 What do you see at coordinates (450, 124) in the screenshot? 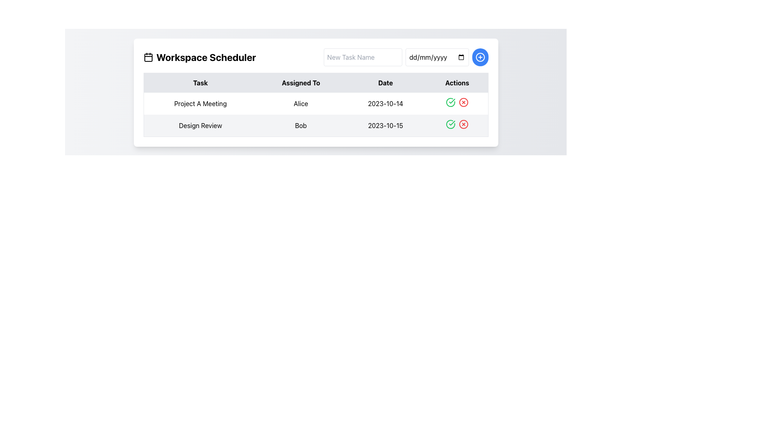
I see `the approval icon located in the 'Actions' column of the second row of the table to approve the task` at bounding box center [450, 124].